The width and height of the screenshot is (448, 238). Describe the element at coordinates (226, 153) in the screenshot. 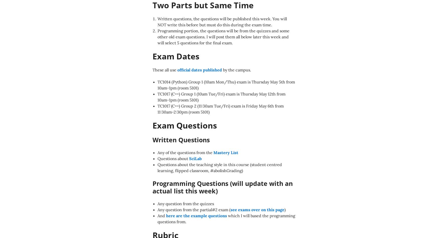

I see `'Mastery List'` at that location.